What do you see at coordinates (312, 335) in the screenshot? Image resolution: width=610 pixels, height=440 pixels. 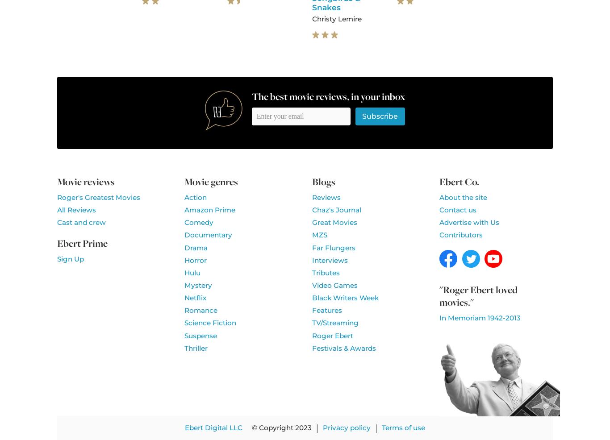 I see `'Roger Ebert'` at bounding box center [312, 335].